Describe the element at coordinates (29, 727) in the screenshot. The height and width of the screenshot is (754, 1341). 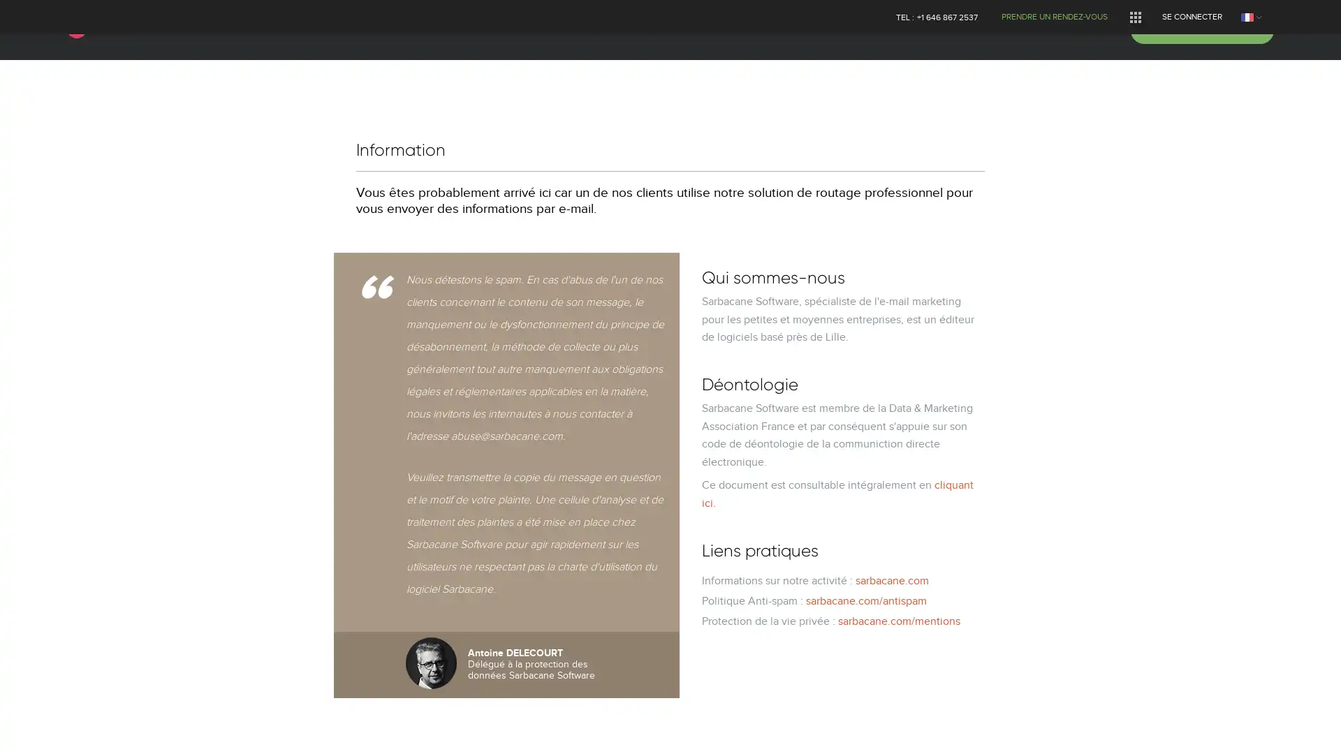
I see `Manage your preferences about cookies` at that location.